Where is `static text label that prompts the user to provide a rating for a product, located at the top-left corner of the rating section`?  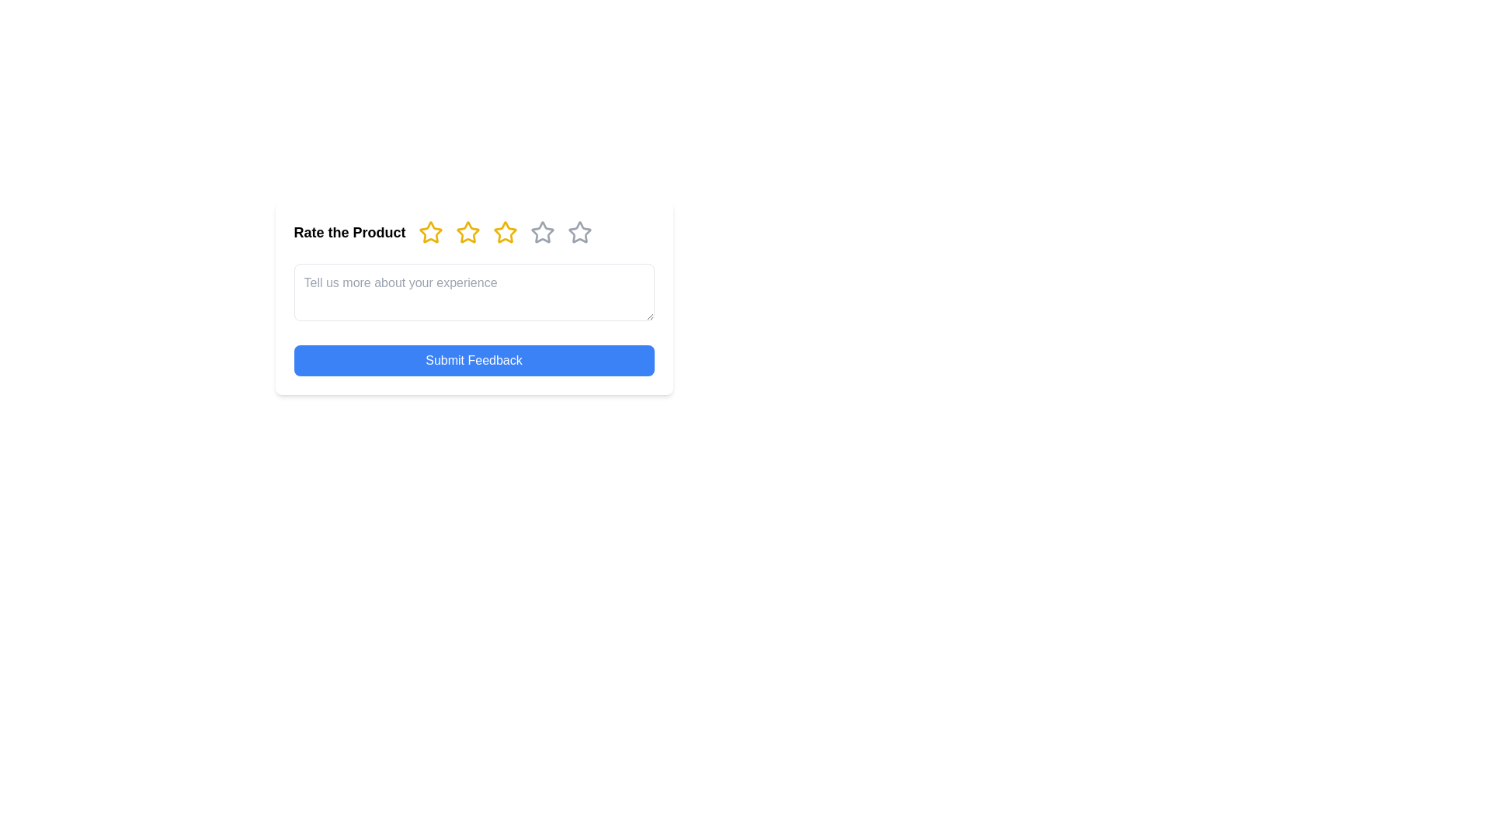
static text label that prompts the user to provide a rating for a product, located at the top-left corner of the rating section is located at coordinates (349, 233).